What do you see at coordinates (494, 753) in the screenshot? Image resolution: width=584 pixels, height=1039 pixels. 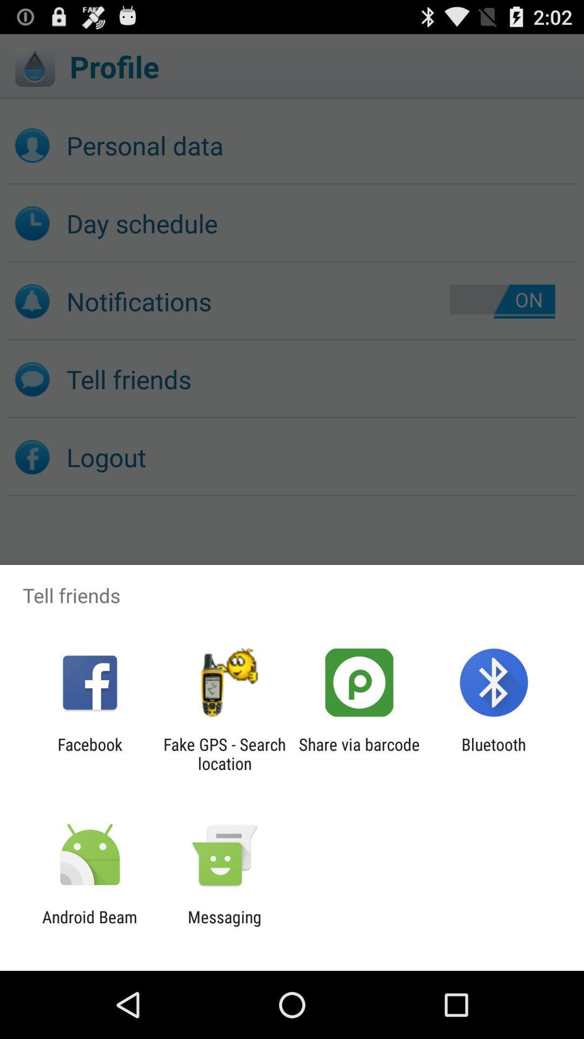 I see `the item to the right of the share via barcode` at bounding box center [494, 753].